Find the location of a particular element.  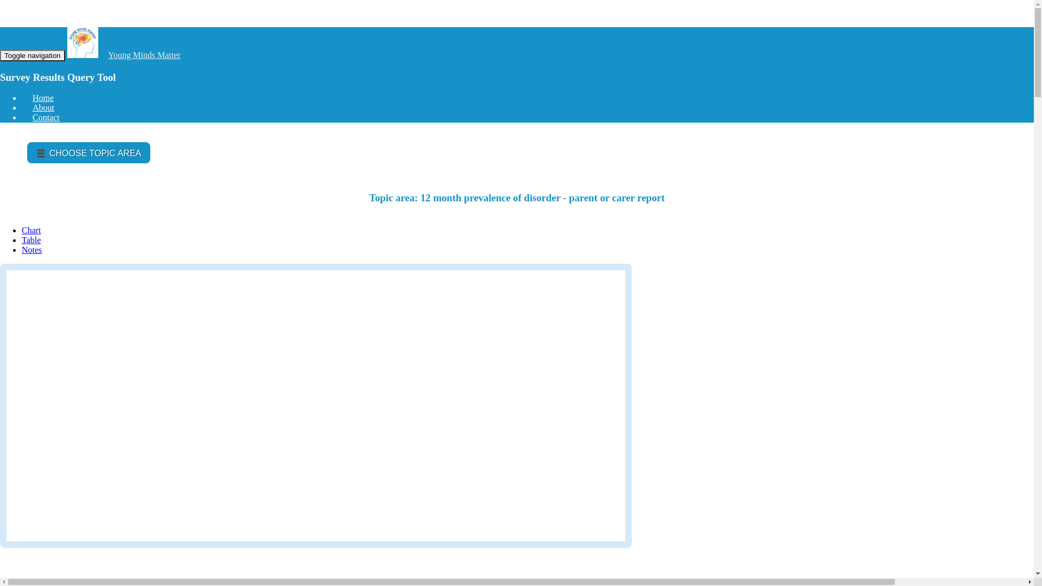

'Toggle navigation' is located at coordinates (0, 55).